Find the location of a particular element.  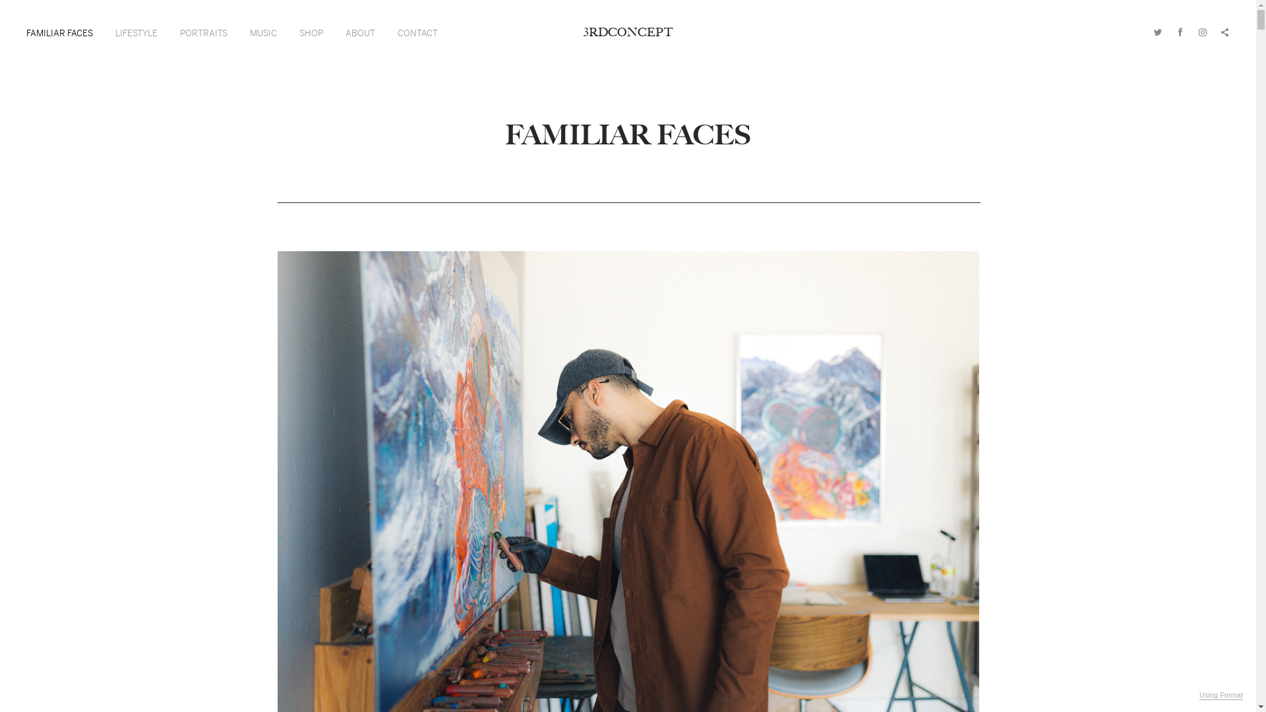

'ABOUT' is located at coordinates (360, 32).